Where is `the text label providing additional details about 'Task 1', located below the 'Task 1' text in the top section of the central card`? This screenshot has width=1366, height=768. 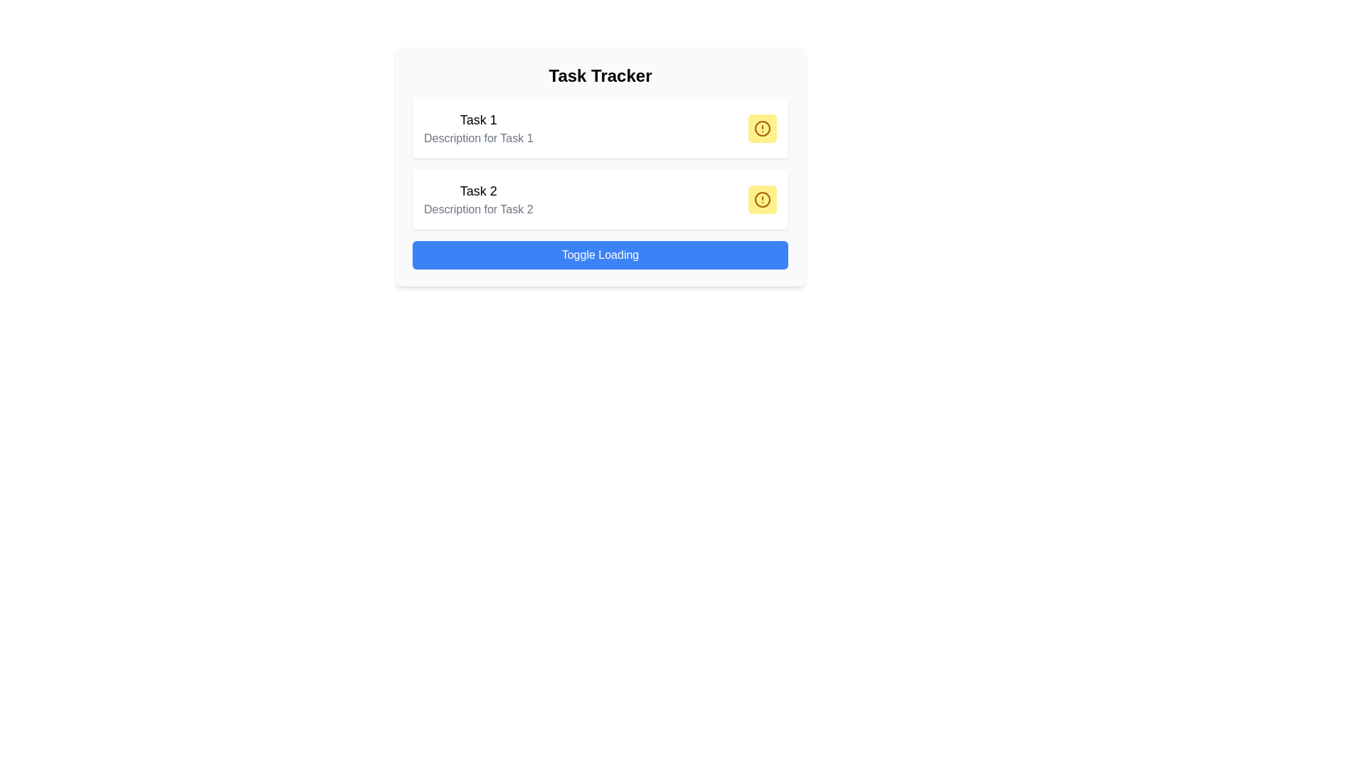 the text label providing additional details about 'Task 1', located below the 'Task 1' text in the top section of the central card is located at coordinates (478, 139).